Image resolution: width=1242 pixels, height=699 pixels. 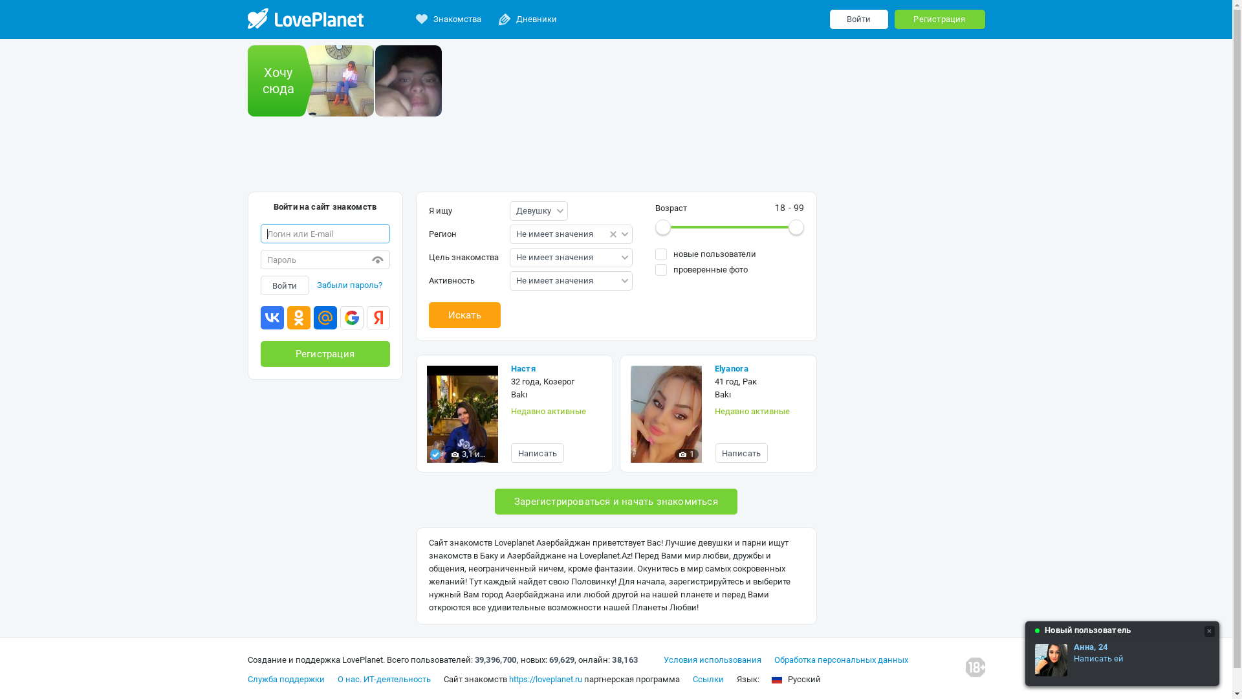 What do you see at coordinates (325, 319) in the screenshot?
I see `'Mail.ru'` at bounding box center [325, 319].